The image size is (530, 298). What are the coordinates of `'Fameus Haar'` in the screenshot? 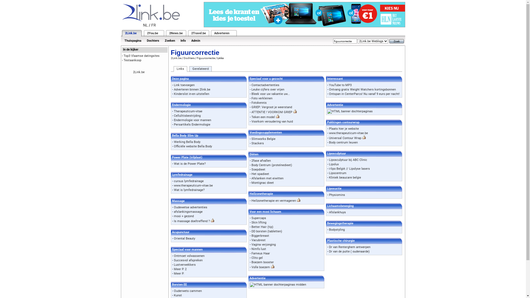 It's located at (251, 253).